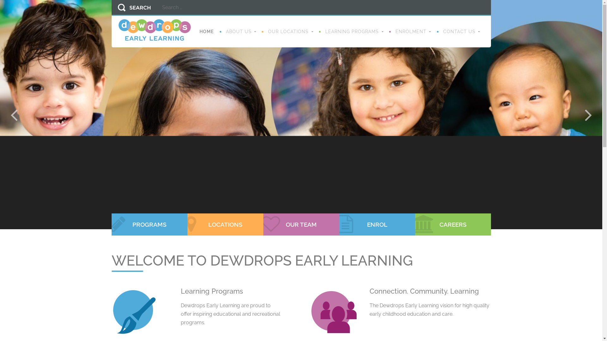  What do you see at coordinates (221, 32) in the screenshot?
I see `'ABOUT US'` at bounding box center [221, 32].